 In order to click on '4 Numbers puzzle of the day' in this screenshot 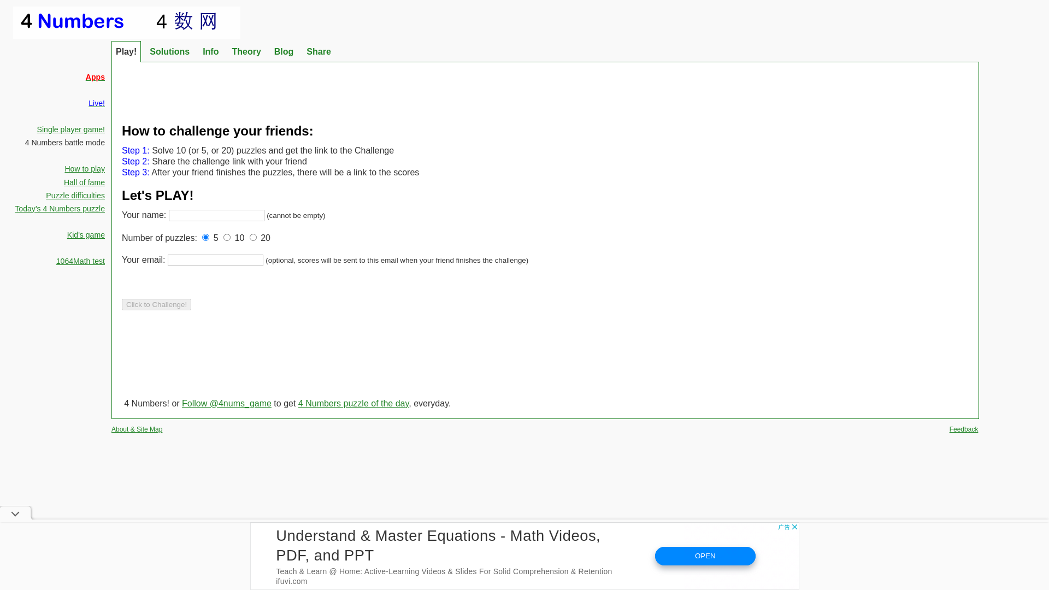, I will do `click(298, 403)`.